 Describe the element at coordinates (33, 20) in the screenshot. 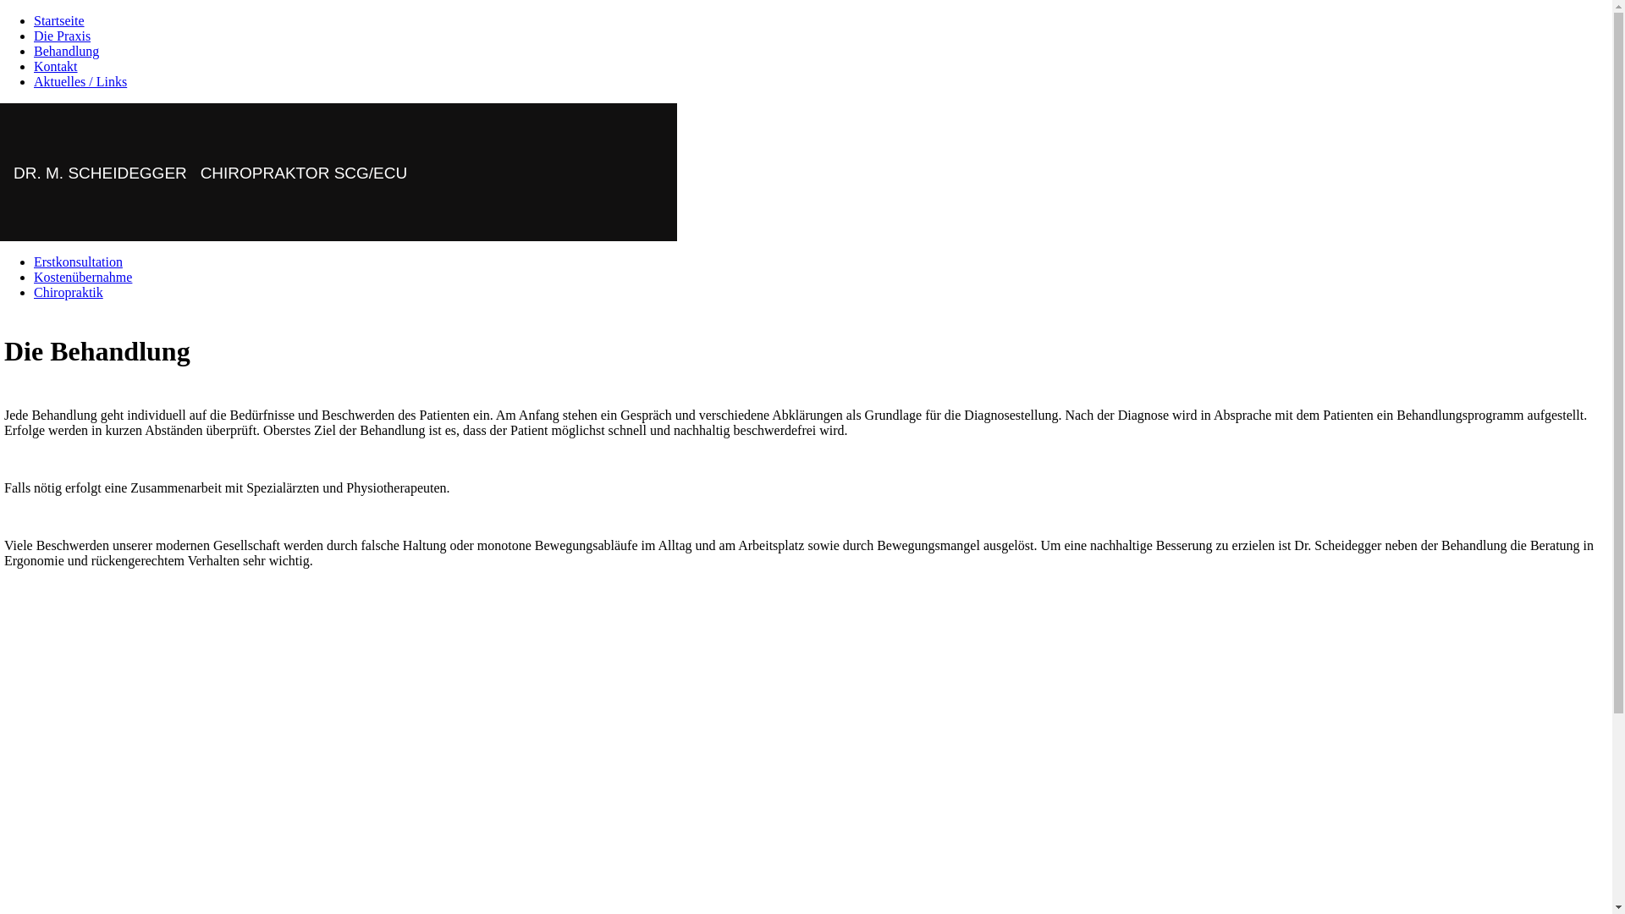

I see `'Startseite'` at that location.